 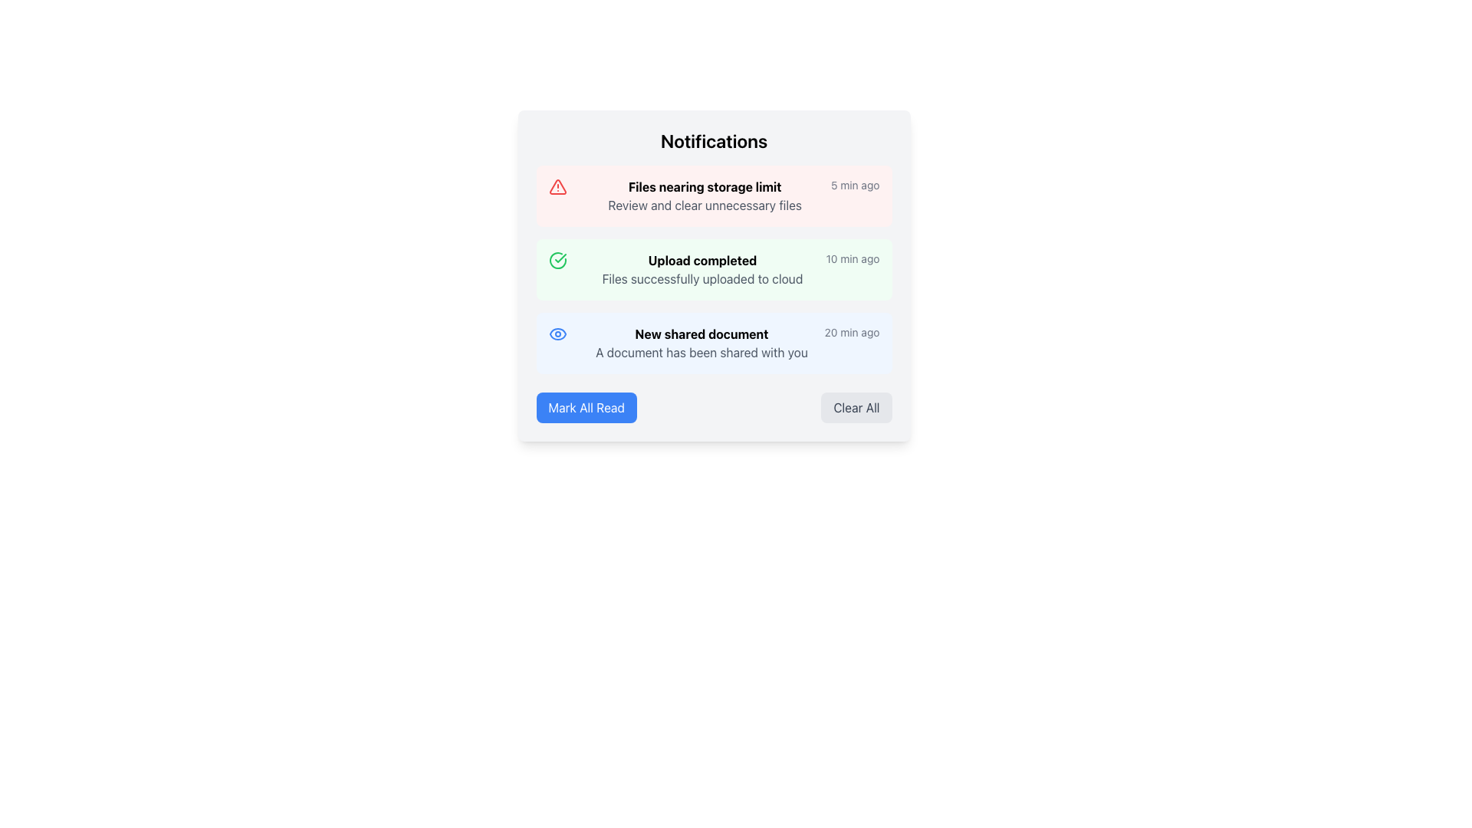 What do you see at coordinates (704, 186) in the screenshot?
I see `the title text label for the storage usage notification, which is positioned at the upper part of the notification bar and alerts users to the storage issue` at bounding box center [704, 186].